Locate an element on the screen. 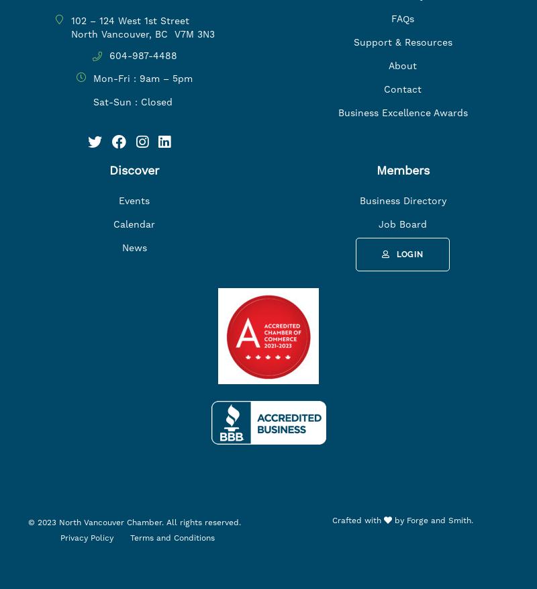  'Mon-Fri : 9am – 5pm' is located at coordinates (142, 77).